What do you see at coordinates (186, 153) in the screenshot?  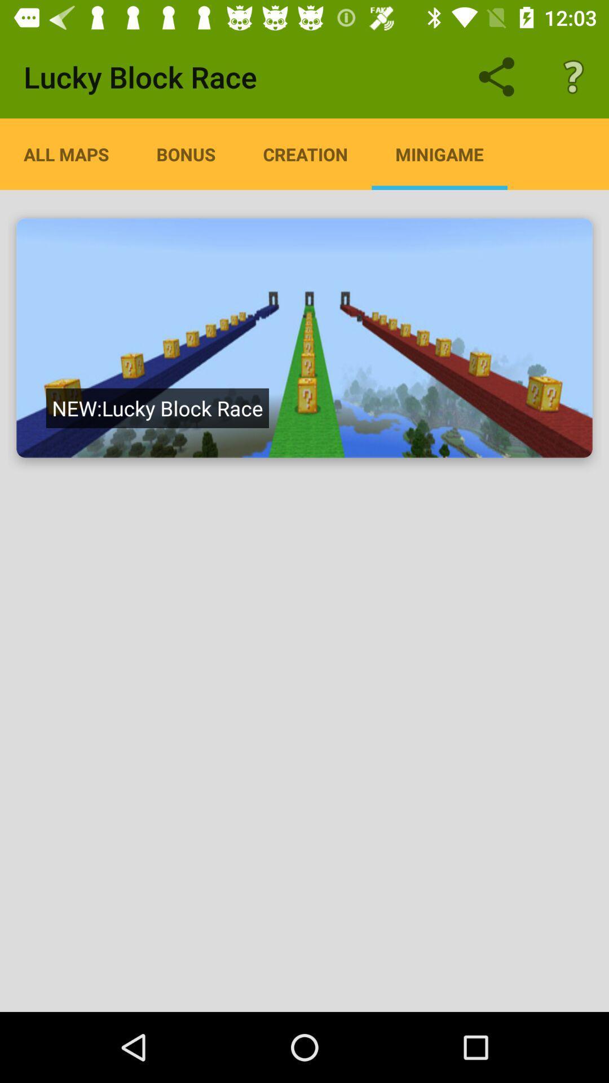 I see `bonus item` at bounding box center [186, 153].